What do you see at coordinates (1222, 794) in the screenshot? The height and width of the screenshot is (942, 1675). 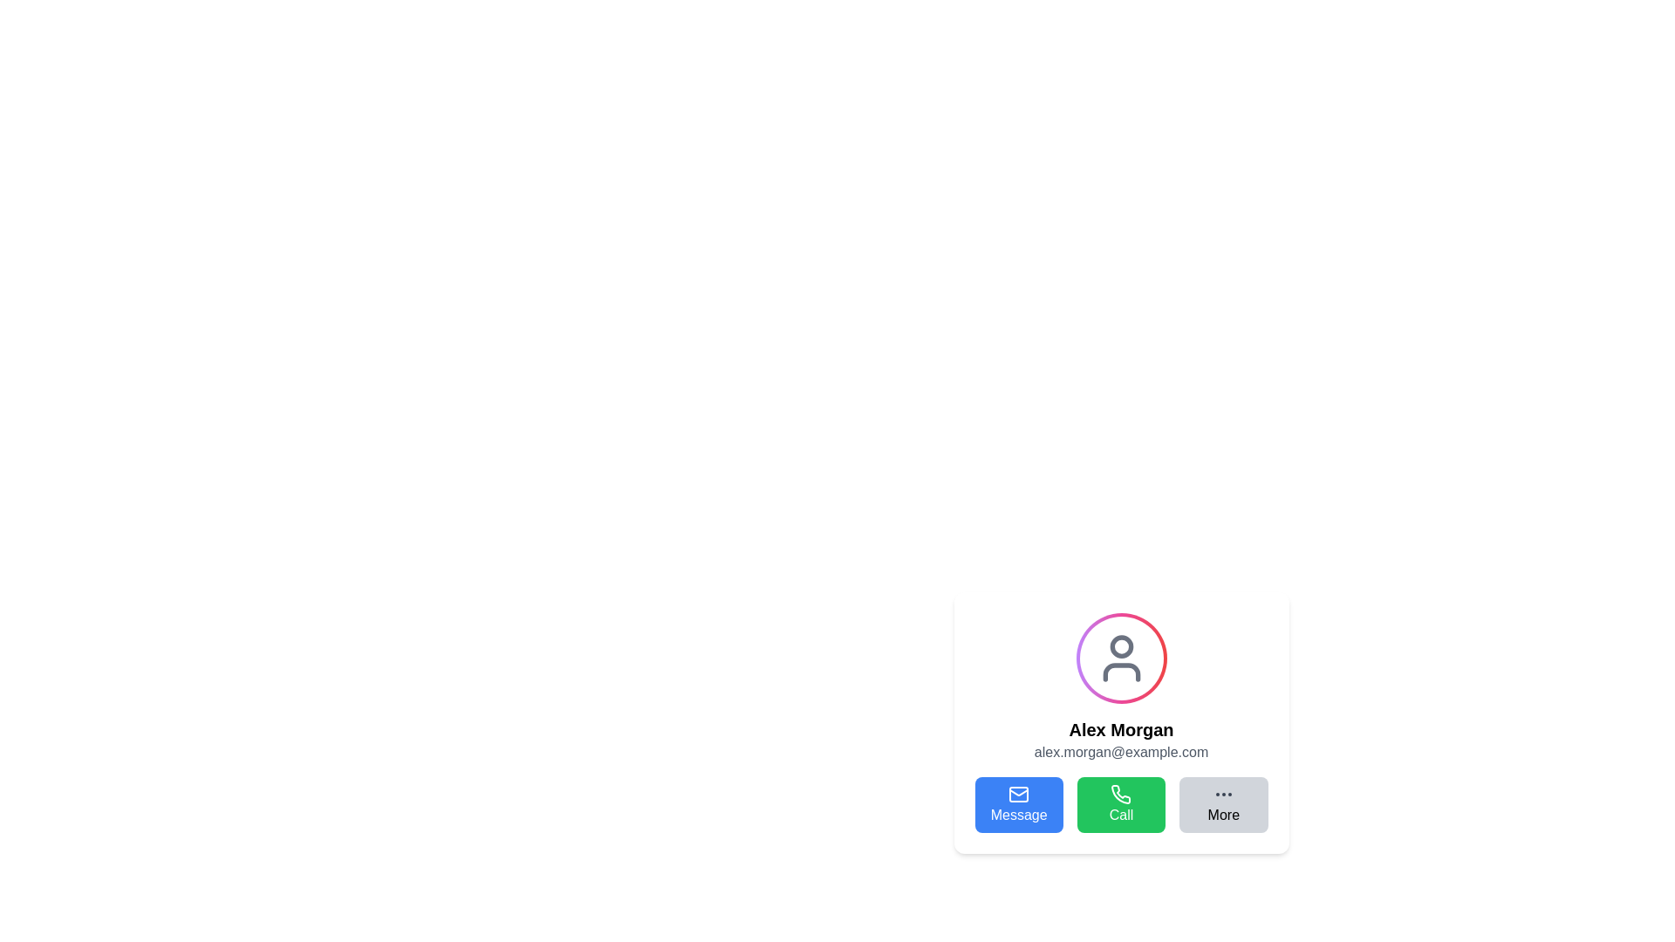 I see `the ellipsis icon, which is represented by three vertical dots` at bounding box center [1222, 794].